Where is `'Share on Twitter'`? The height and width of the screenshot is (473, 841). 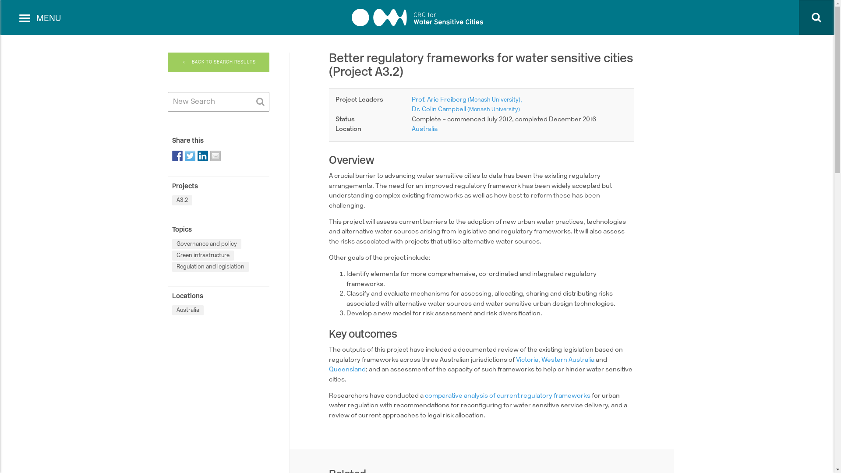
'Share on Twitter' is located at coordinates (189, 155).